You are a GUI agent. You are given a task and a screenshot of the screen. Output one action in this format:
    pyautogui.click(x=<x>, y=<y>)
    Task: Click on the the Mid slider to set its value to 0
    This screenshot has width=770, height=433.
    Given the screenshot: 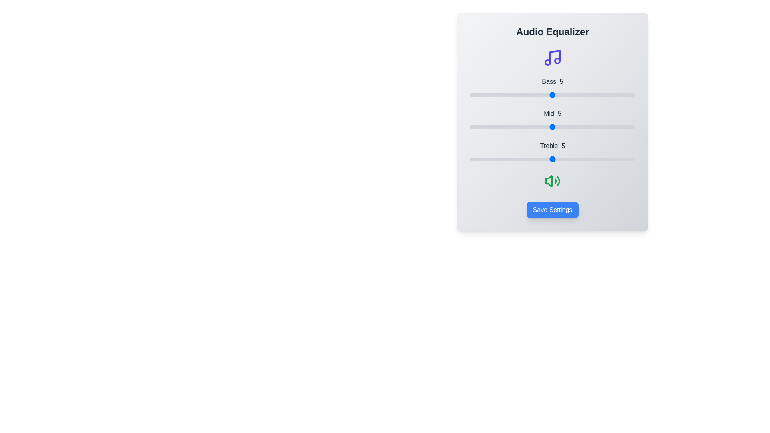 What is the action you would take?
    pyautogui.click(x=470, y=126)
    